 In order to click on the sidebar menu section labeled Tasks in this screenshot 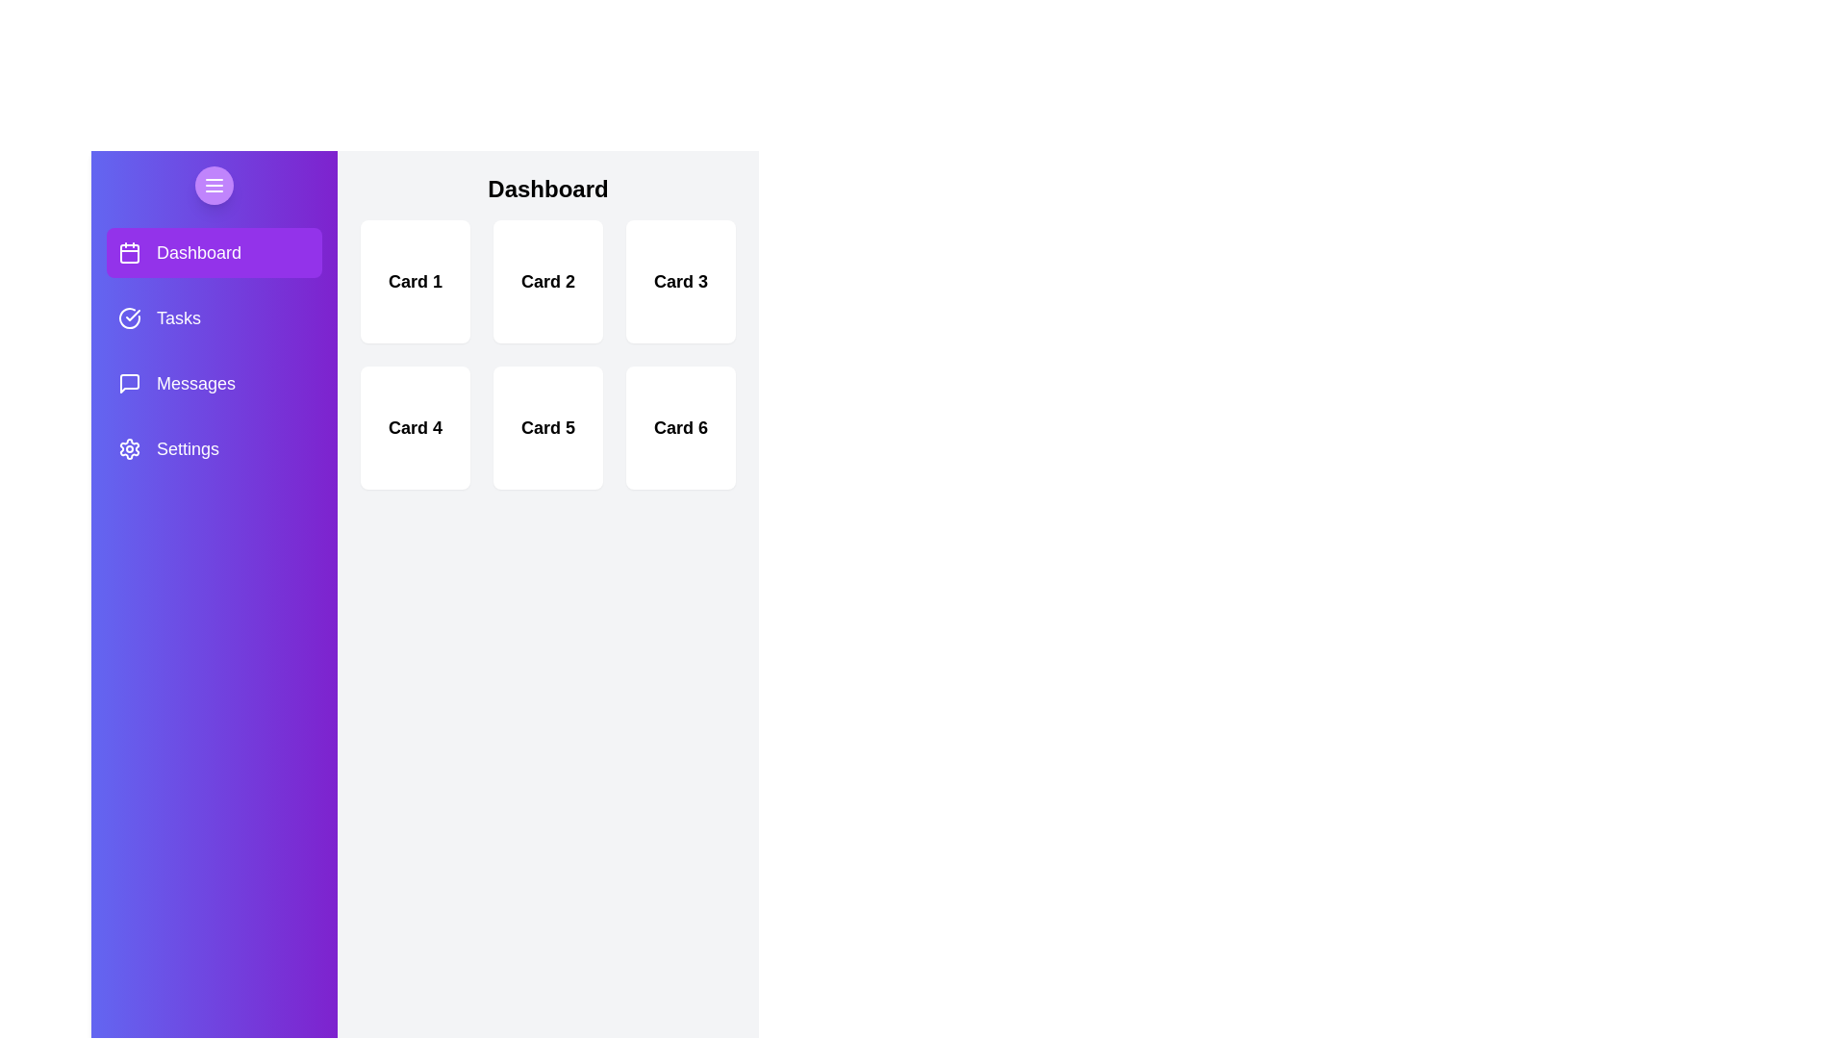, I will do `click(214, 317)`.